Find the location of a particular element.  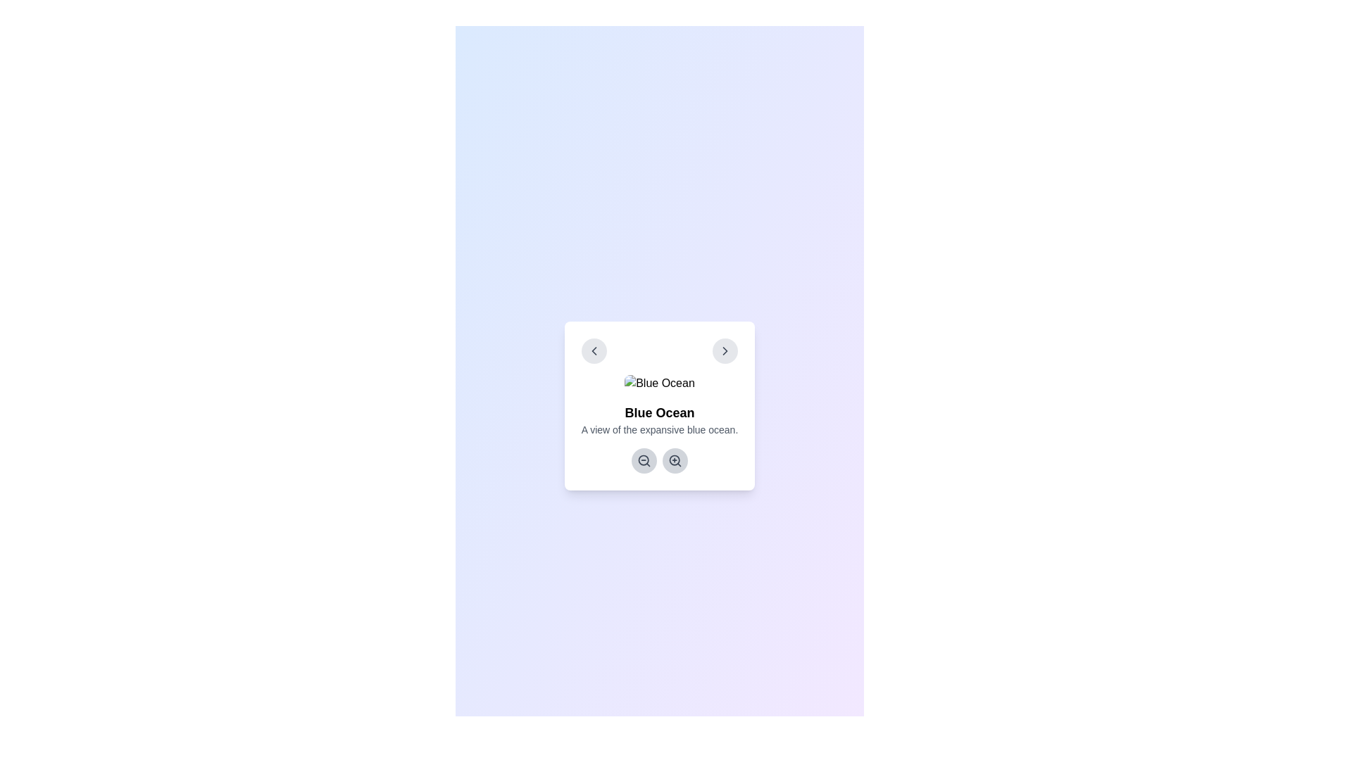

the circular zoom-in button with a gray background and a magnifying glass icon, positioned centrally at the bottom of the card interface is located at coordinates (675, 461).